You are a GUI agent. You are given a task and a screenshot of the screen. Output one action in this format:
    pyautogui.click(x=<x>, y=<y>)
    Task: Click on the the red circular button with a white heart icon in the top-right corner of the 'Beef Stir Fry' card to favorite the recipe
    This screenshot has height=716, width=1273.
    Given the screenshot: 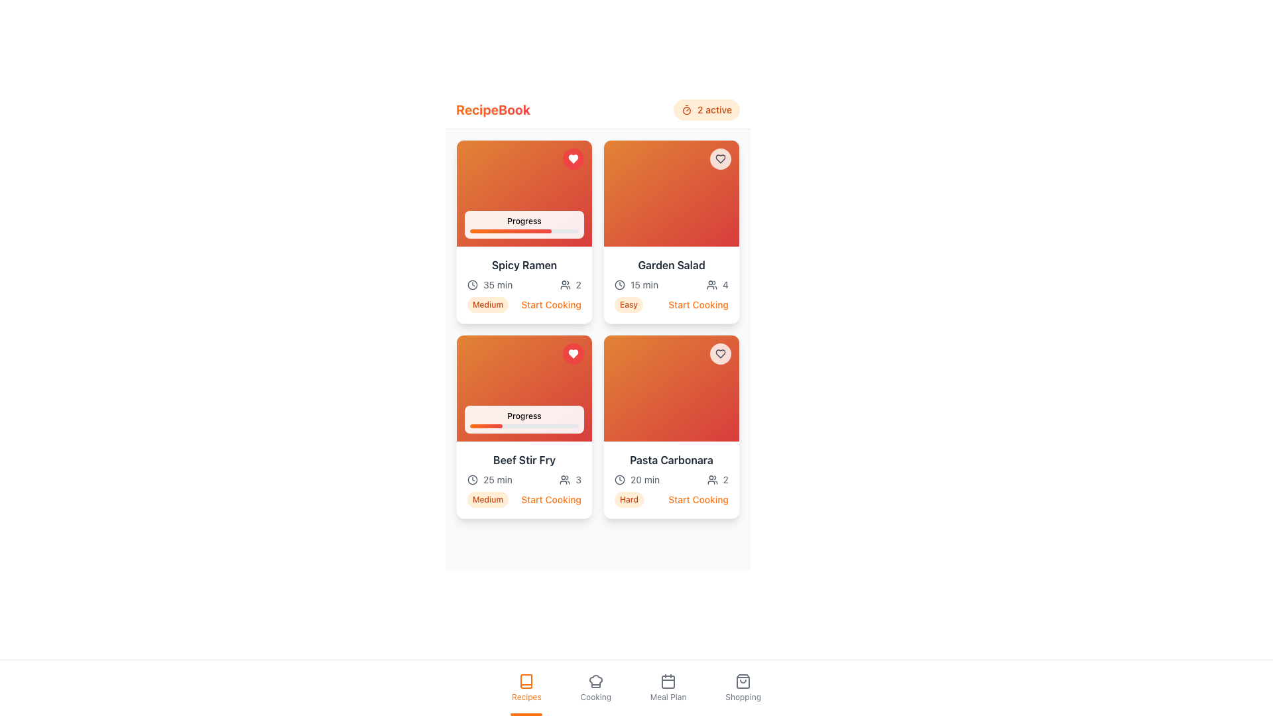 What is the action you would take?
    pyautogui.click(x=573, y=353)
    